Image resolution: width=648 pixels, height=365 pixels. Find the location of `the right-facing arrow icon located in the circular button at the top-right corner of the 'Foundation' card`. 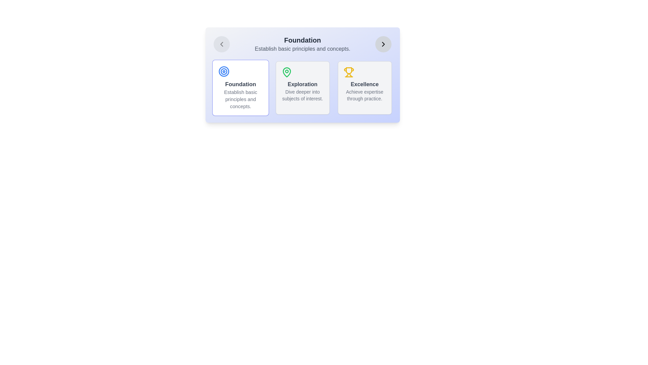

the right-facing arrow icon located in the circular button at the top-right corner of the 'Foundation' card is located at coordinates (383, 44).